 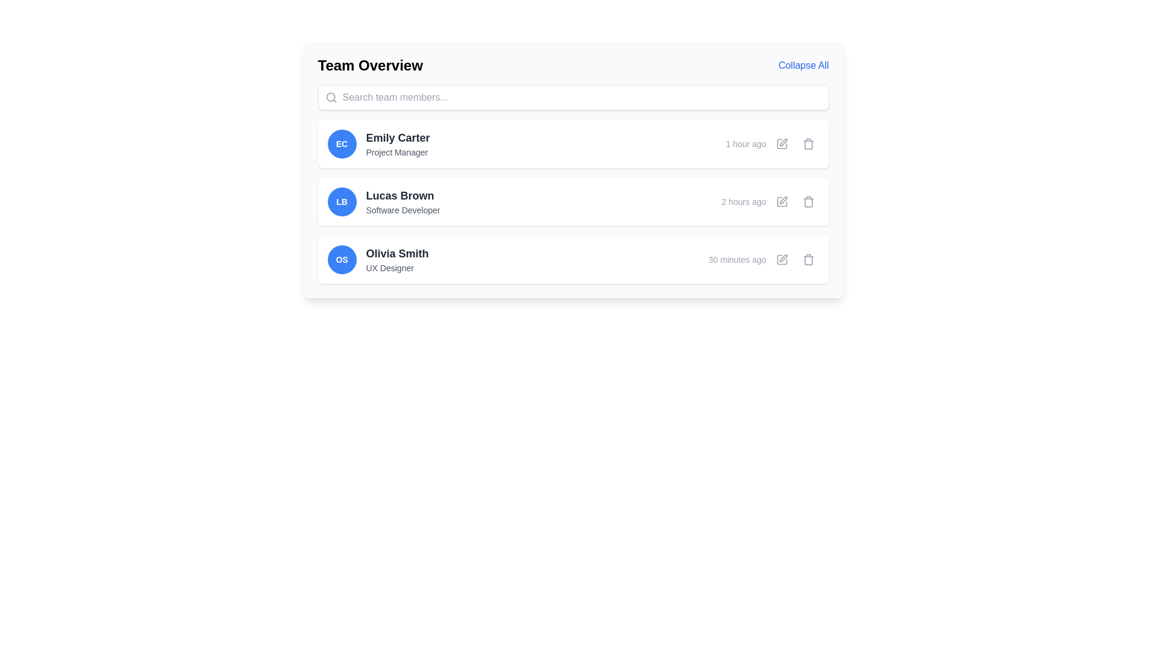 I want to click on the square-shaped button with a pen icon, which is the second action button to the right of the '2 hours ago' timestamp for 'Lucas Brown', so click(x=782, y=201).